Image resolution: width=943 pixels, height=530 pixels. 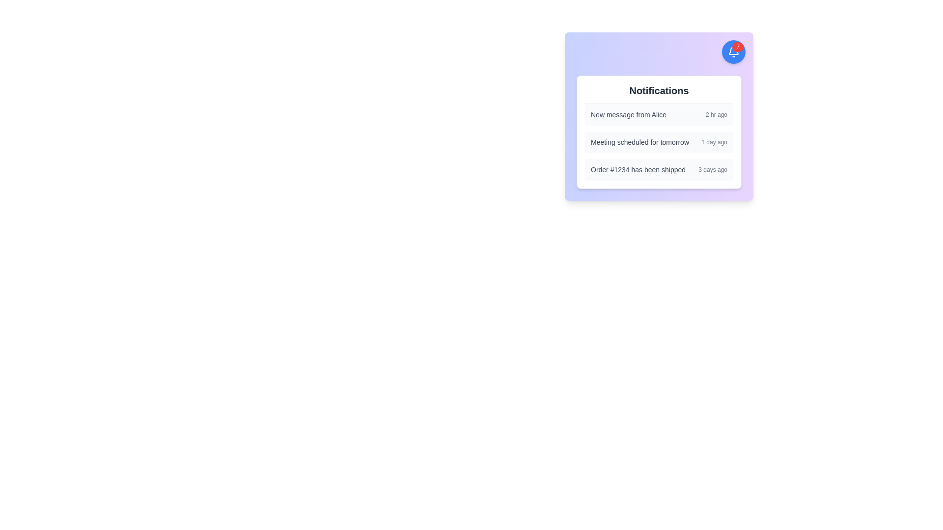 What do you see at coordinates (717, 114) in the screenshot?
I see `the timestamp text label located to the right of 'New message from Alice' in the first notification item of the vertical list` at bounding box center [717, 114].